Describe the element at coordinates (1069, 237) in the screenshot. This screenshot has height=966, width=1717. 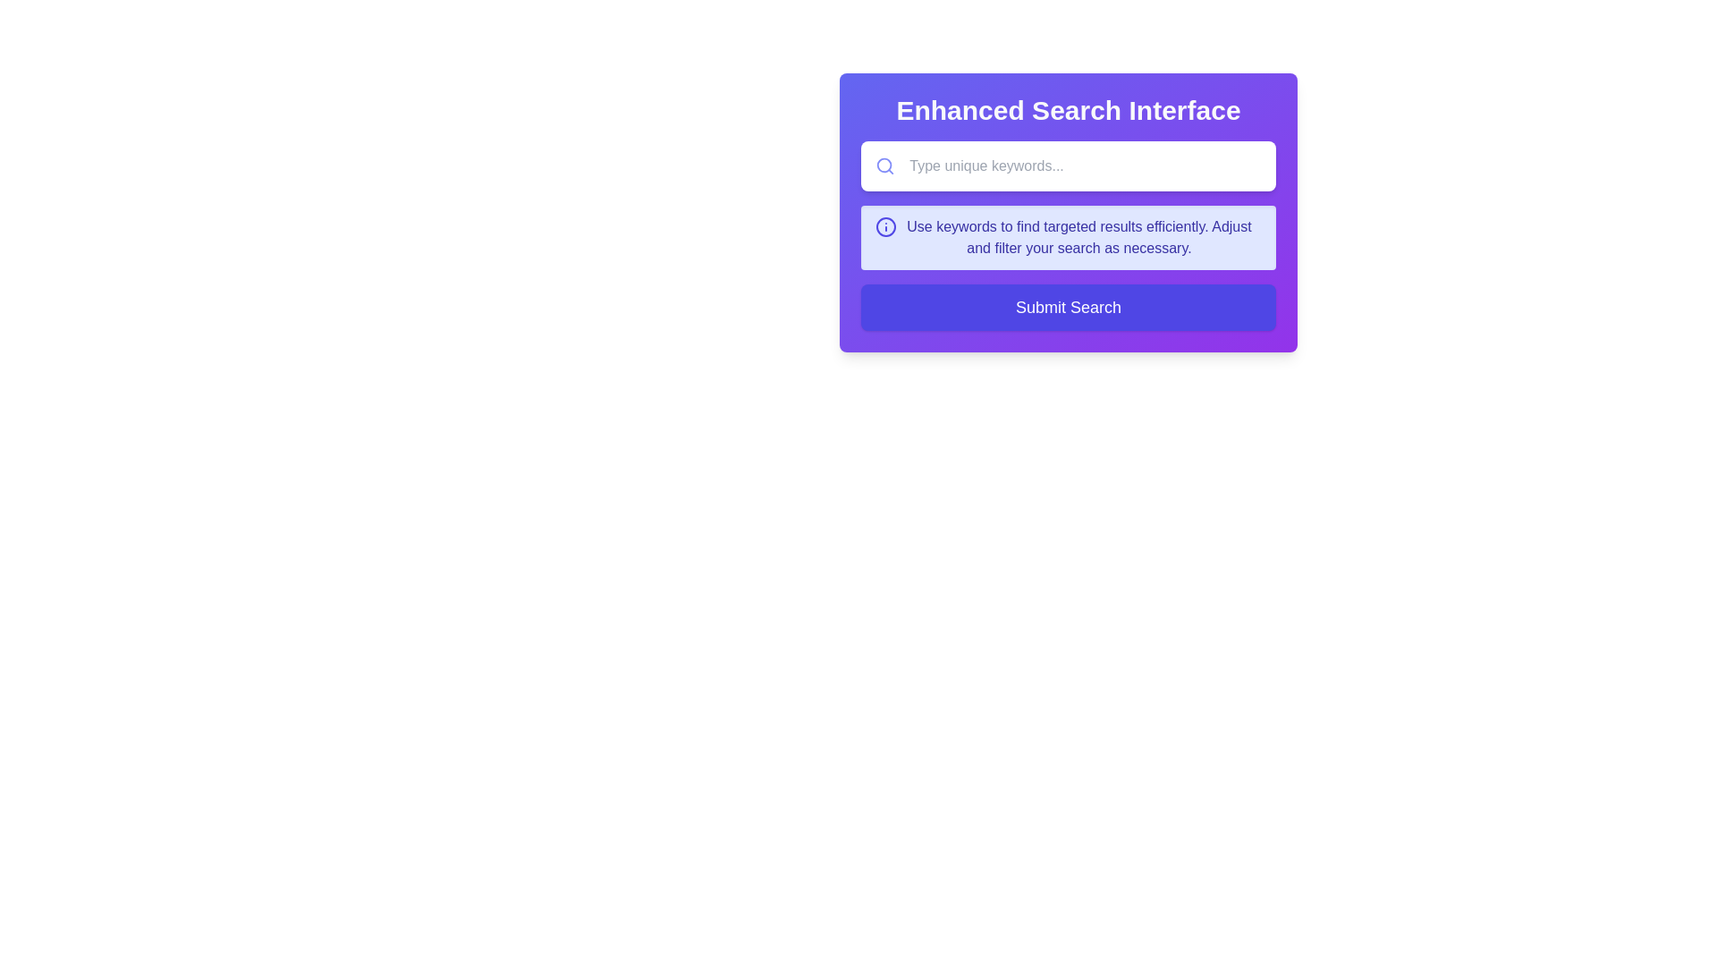
I see `text content of the Informational Panel located directly below the text input field and above the 'Submit Search' button` at that location.